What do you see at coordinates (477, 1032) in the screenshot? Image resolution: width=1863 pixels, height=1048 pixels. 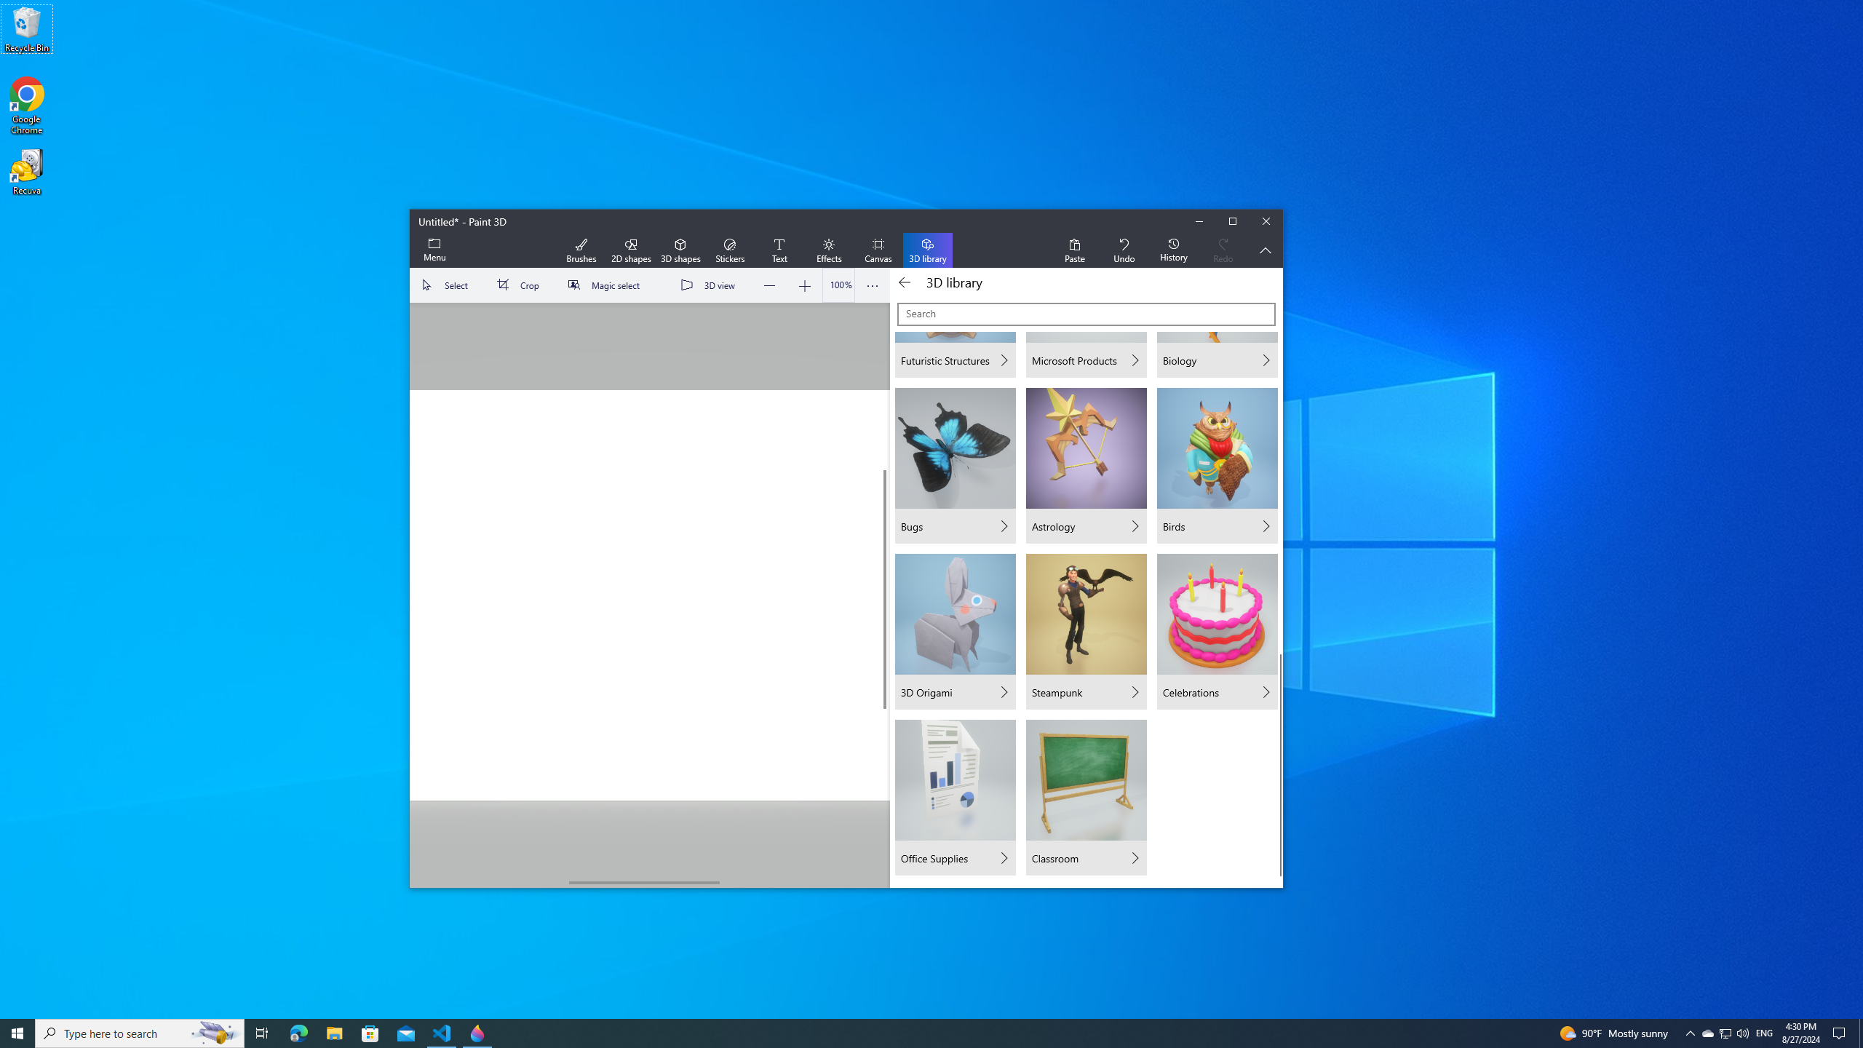 I see `'Paint 3D - 1 running window'` at bounding box center [477, 1032].